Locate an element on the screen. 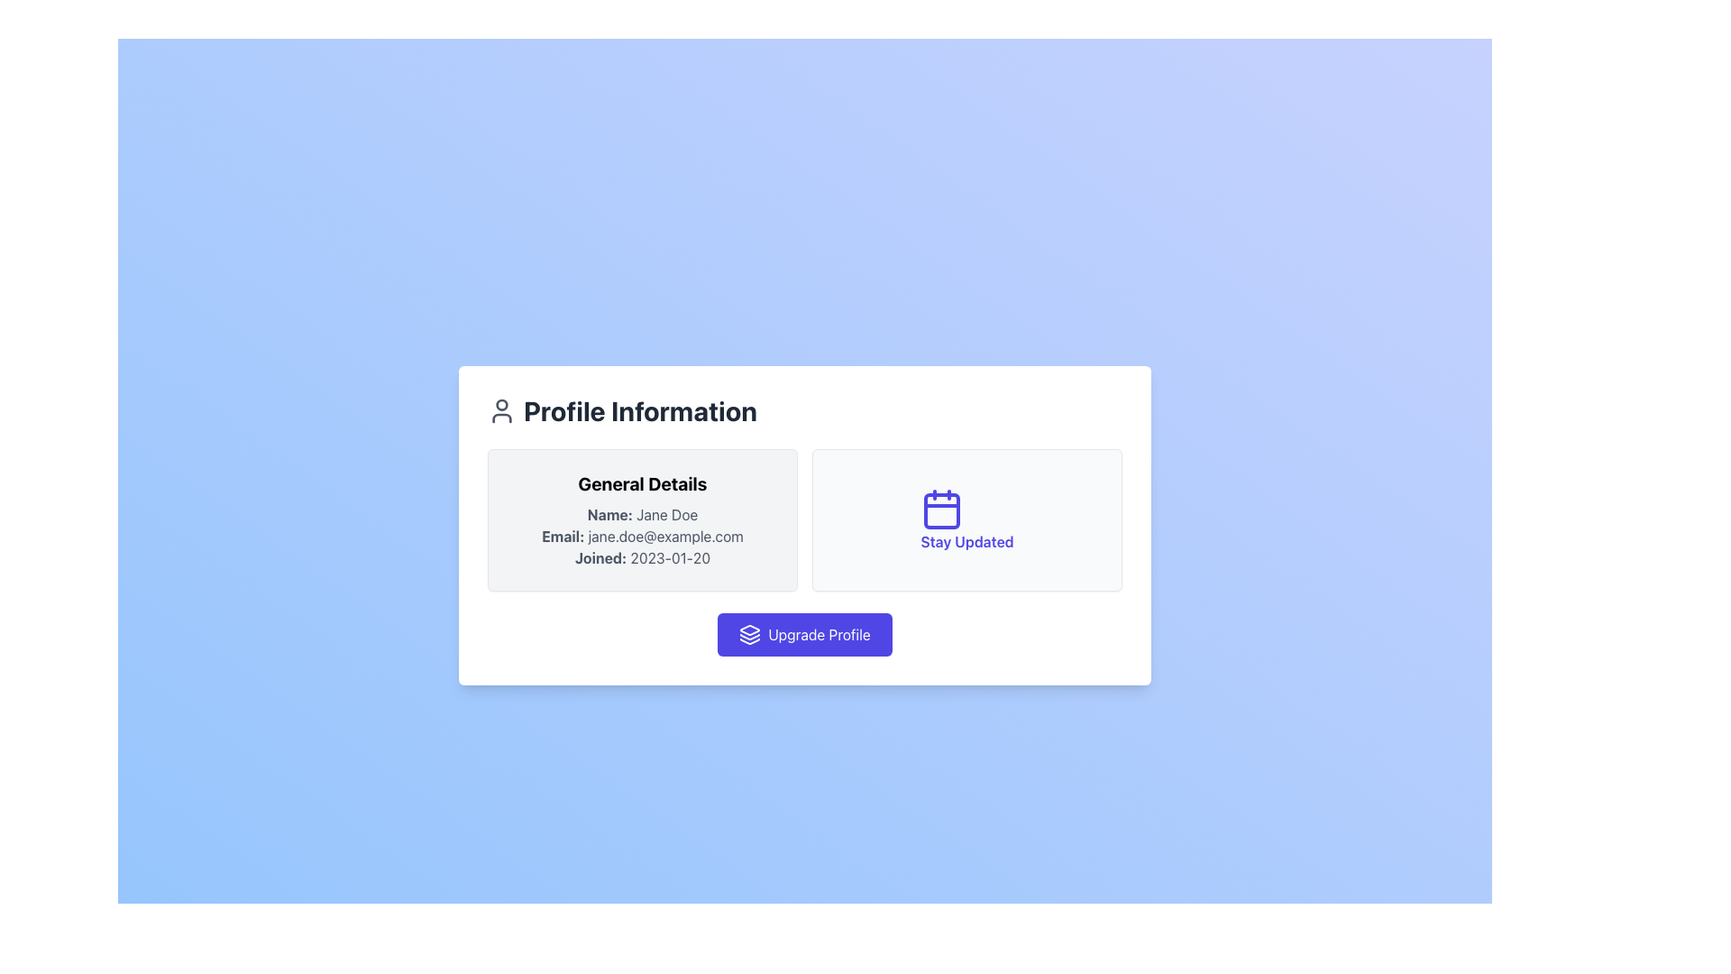  the 'Upgrade Profile' button by clicking on the decorative icon that is located to the left of the button text is located at coordinates (750, 634).